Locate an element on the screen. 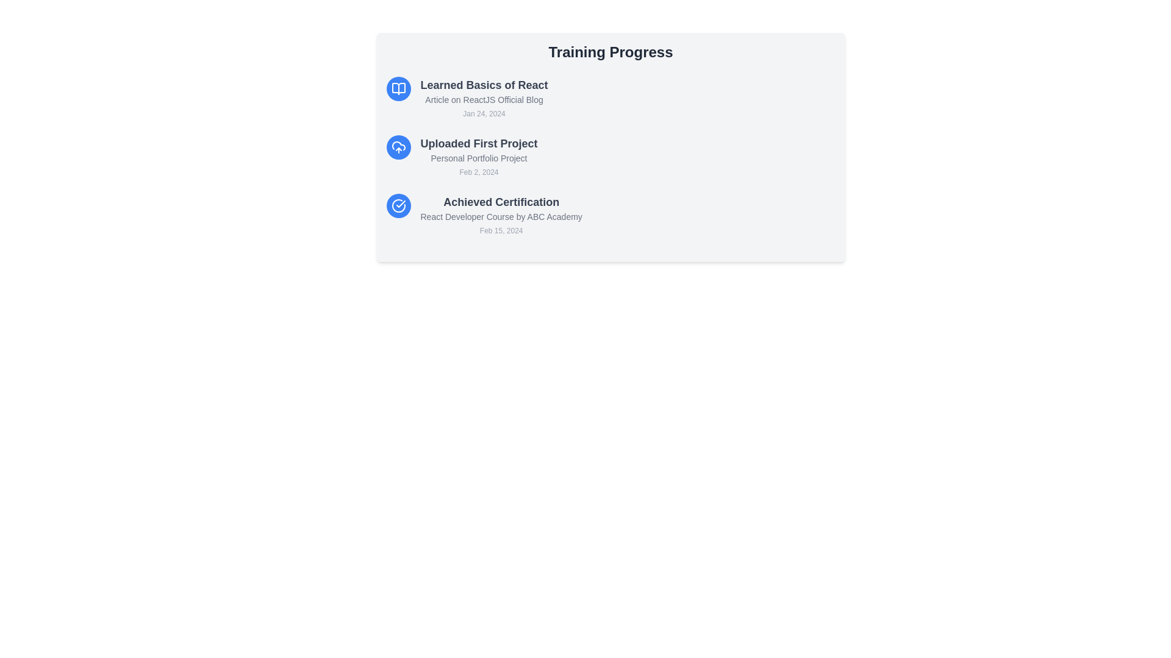 The image size is (1171, 658). the first three-line text block in the 'Training Progress' list, which describes a completed training step, located to the right of a blue book icon is located at coordinates (484, 98).